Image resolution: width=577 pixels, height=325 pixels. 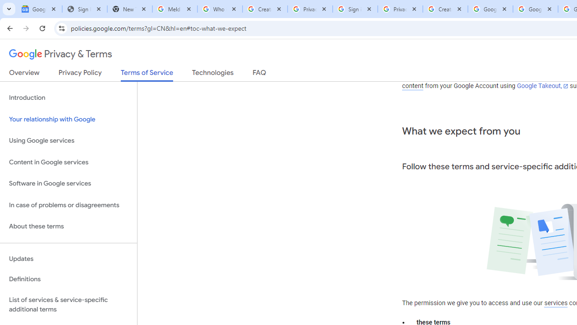 What do you see at coordinates (212, 74) in the screenshot?
I see `'Technologies'` at bounding box center [212, 74].